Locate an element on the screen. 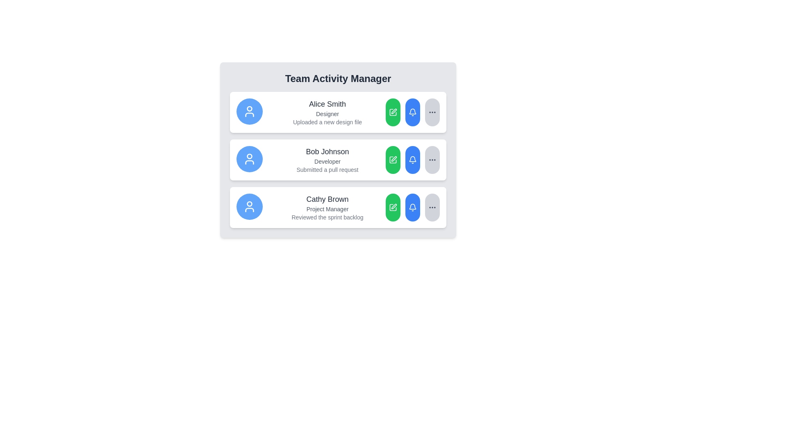 This screenshot has width=787, height=443. the first button in the row of interactive circular buttons associated with the entry 'Bob Johnson' is located at coordinates (393, 160).